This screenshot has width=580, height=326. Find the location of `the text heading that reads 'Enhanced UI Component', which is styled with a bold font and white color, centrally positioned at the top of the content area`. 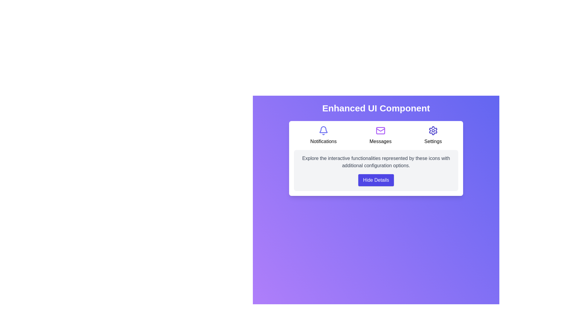

the text heading that reads 'Enhanced UI Component', which is styled with a bold font and white color, centrally positioned at the top of the content area is located at coordinates (375, 108).